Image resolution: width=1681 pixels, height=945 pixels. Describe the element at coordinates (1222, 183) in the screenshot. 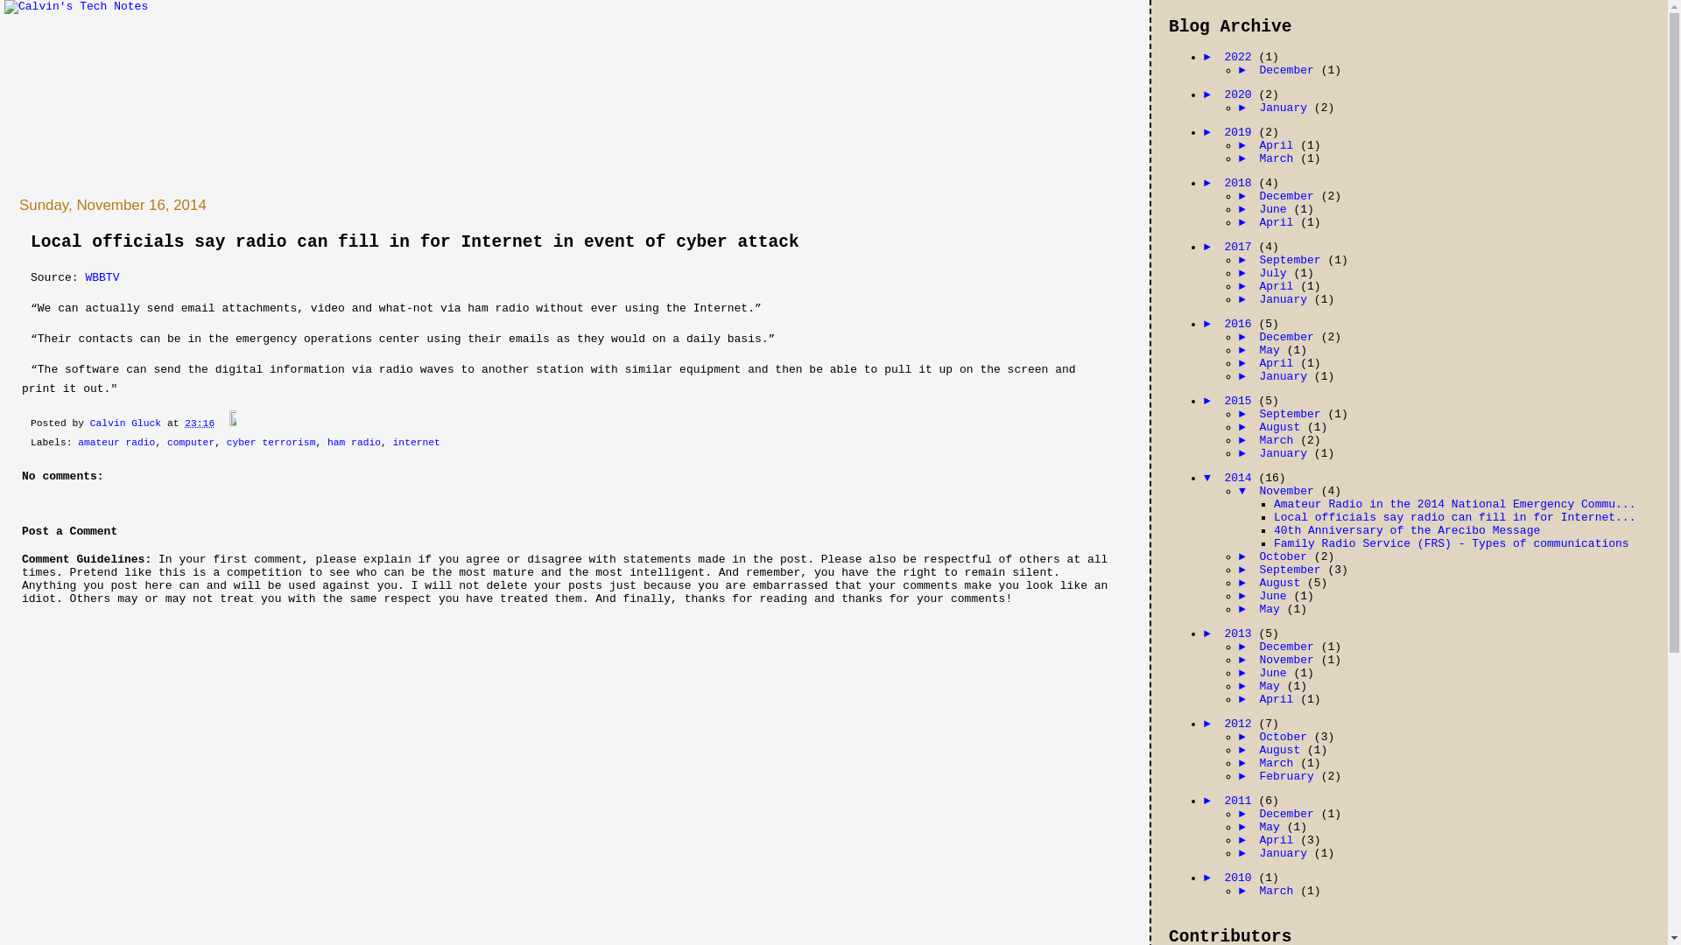

I see `'2018'` at that location.